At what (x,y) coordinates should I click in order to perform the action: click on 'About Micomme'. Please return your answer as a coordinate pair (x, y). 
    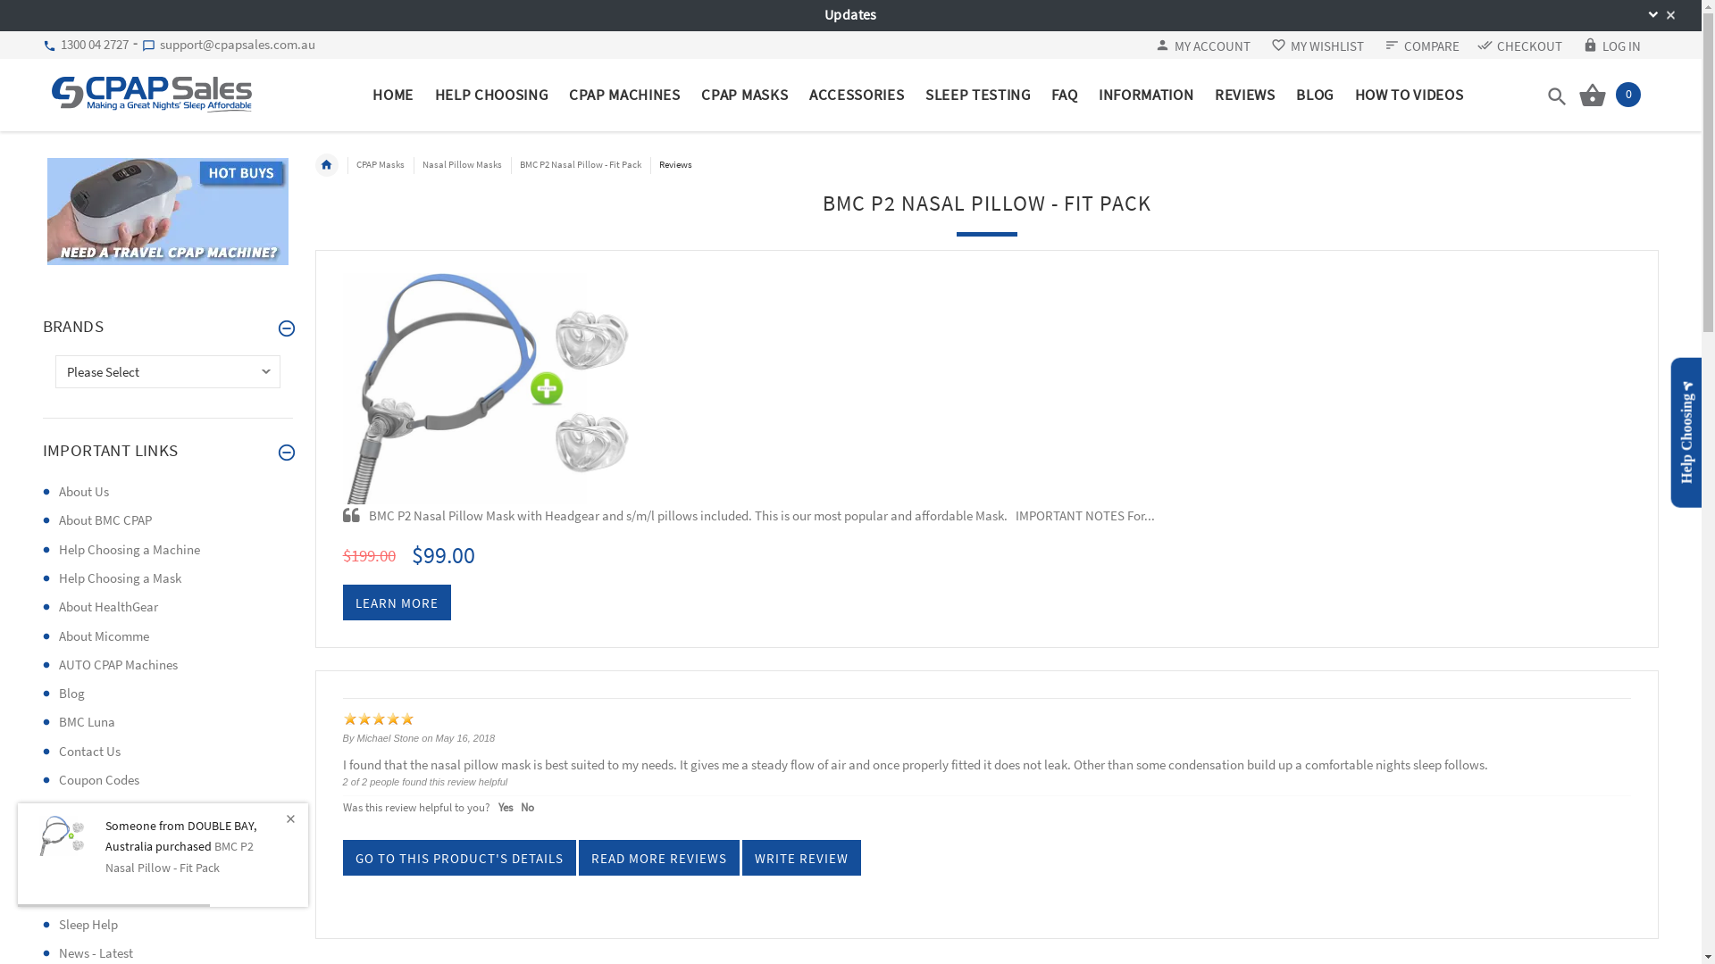
    Looking at the image, I should click on (103, 634).